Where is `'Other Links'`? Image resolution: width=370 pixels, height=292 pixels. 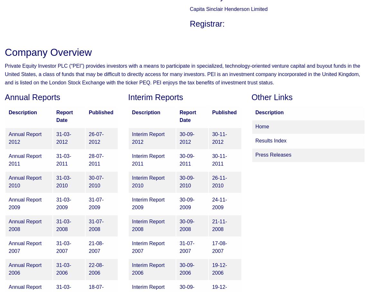
'Other Links' is located at coordinates (272, 97).